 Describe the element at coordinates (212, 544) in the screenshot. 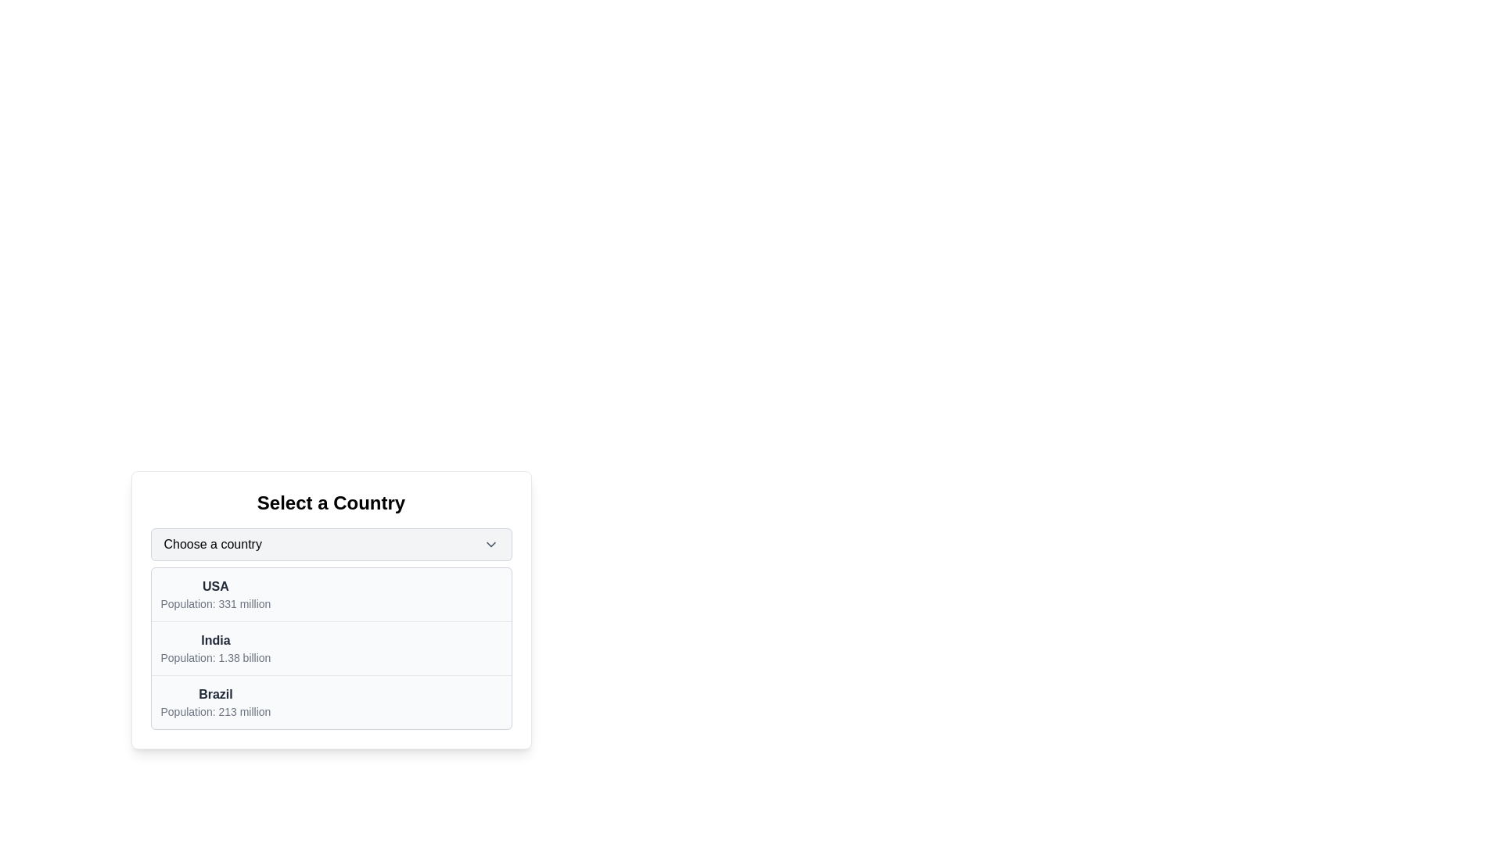

I see `the text label indicating the function of the dropdown field for country selection, which is positioned to the left of the chevron-down icon` at that location.